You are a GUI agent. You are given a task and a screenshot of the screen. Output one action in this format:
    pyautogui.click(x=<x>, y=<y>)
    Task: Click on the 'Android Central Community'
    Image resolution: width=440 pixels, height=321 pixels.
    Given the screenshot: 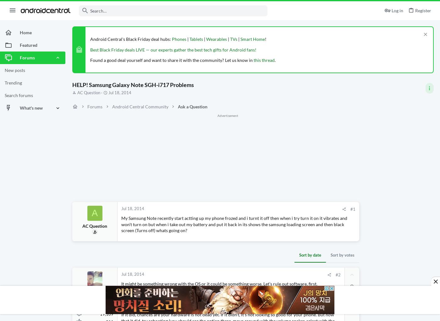 What is the action you would take?
    pyautogui.click(x=140, y=106)
    